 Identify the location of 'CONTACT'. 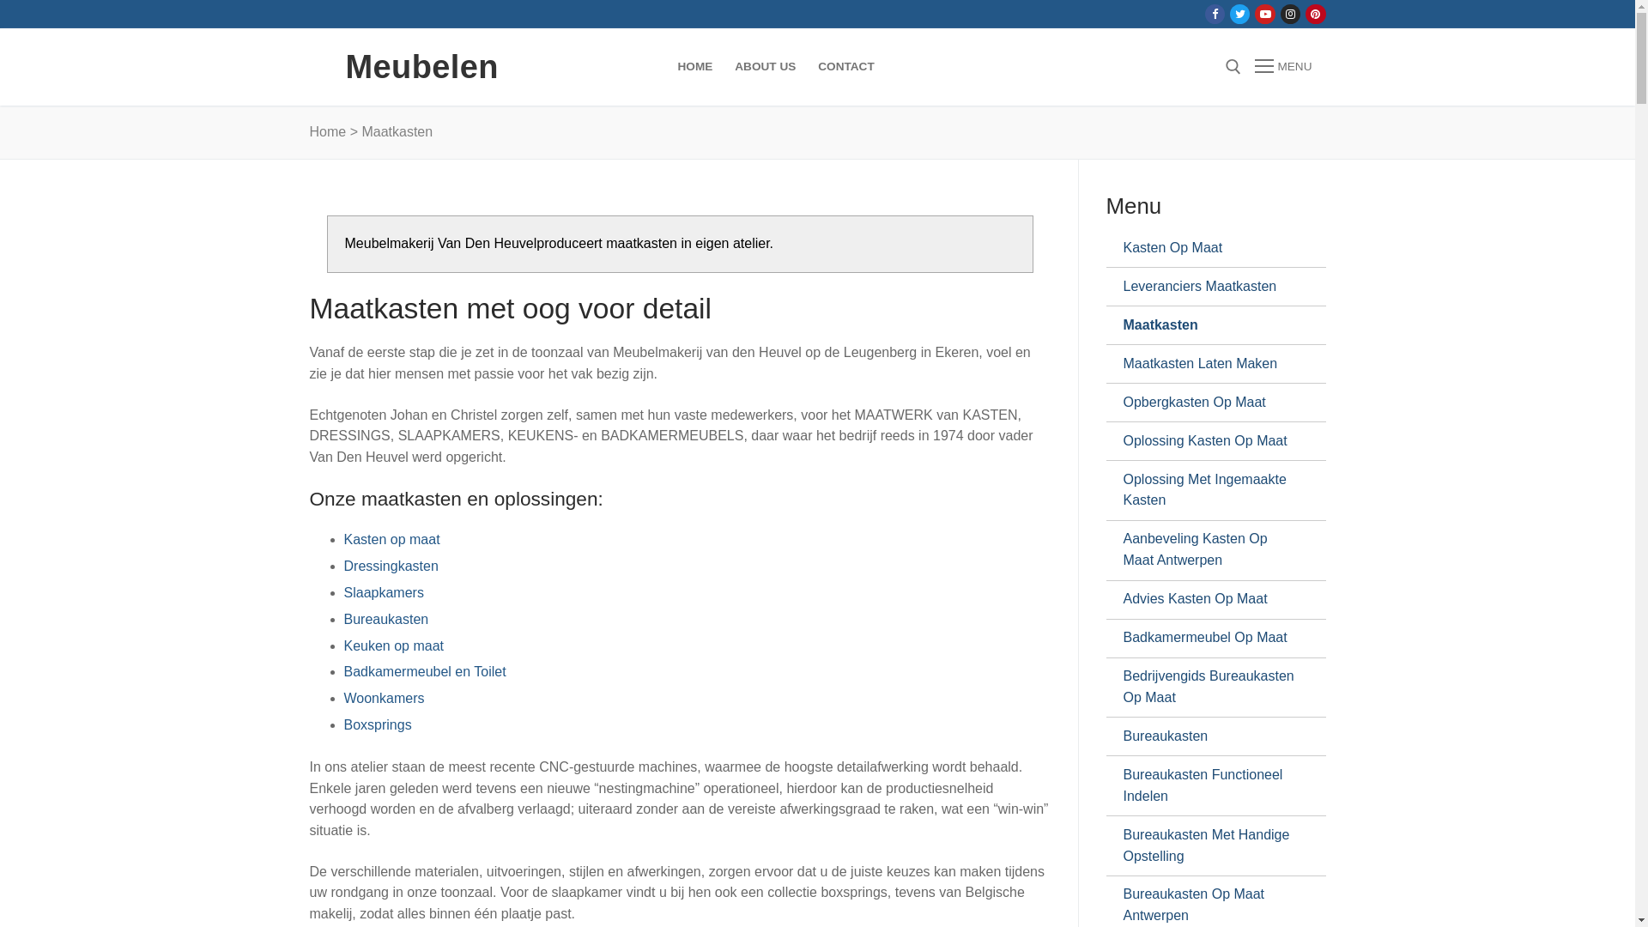
(845, 65).